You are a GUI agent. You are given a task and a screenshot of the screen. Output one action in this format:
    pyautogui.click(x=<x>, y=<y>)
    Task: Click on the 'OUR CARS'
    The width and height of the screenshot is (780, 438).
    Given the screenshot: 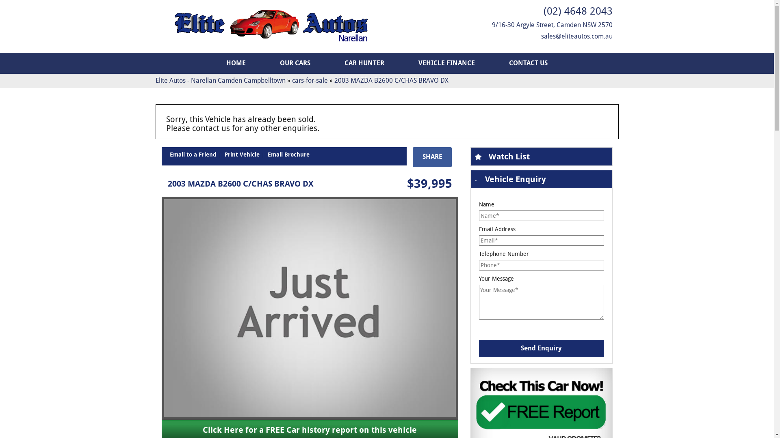 What is the action you would take?
    pyautogui.click(x=263, y=62)
    